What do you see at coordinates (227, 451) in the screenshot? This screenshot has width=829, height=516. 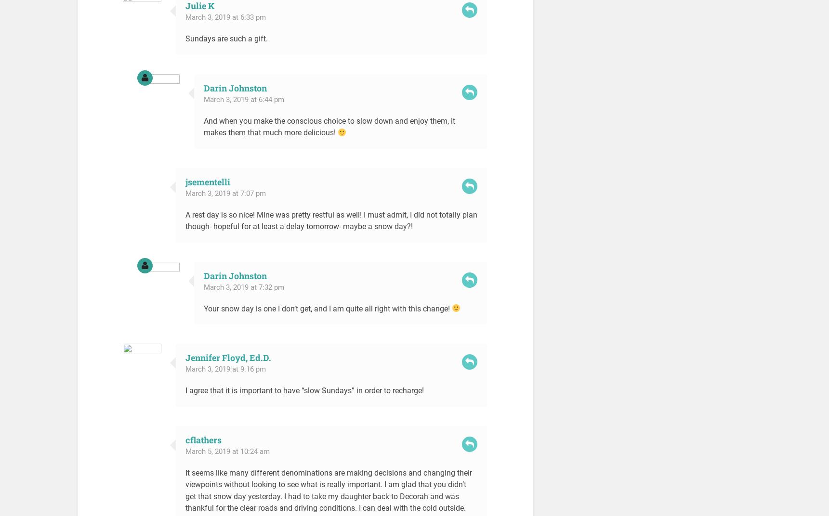 I see `'March 5, 2019 at 10:24 am'` at bounding box center [227, 451].